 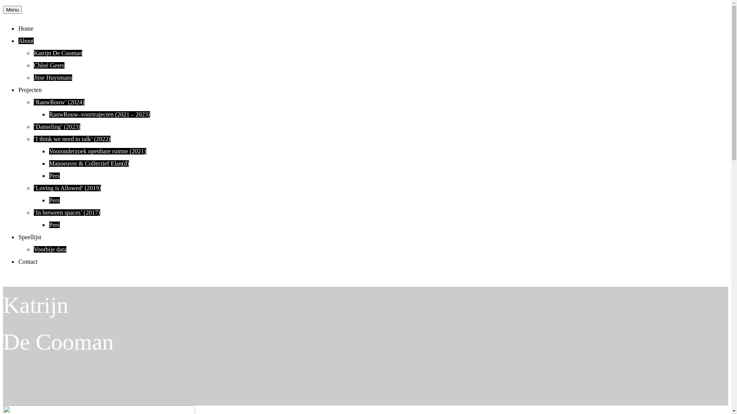 What do you see at coordinates (53, 77) in the screenshot?
I see `'Jitse Huysmans'` at bounding box center [53, 77].